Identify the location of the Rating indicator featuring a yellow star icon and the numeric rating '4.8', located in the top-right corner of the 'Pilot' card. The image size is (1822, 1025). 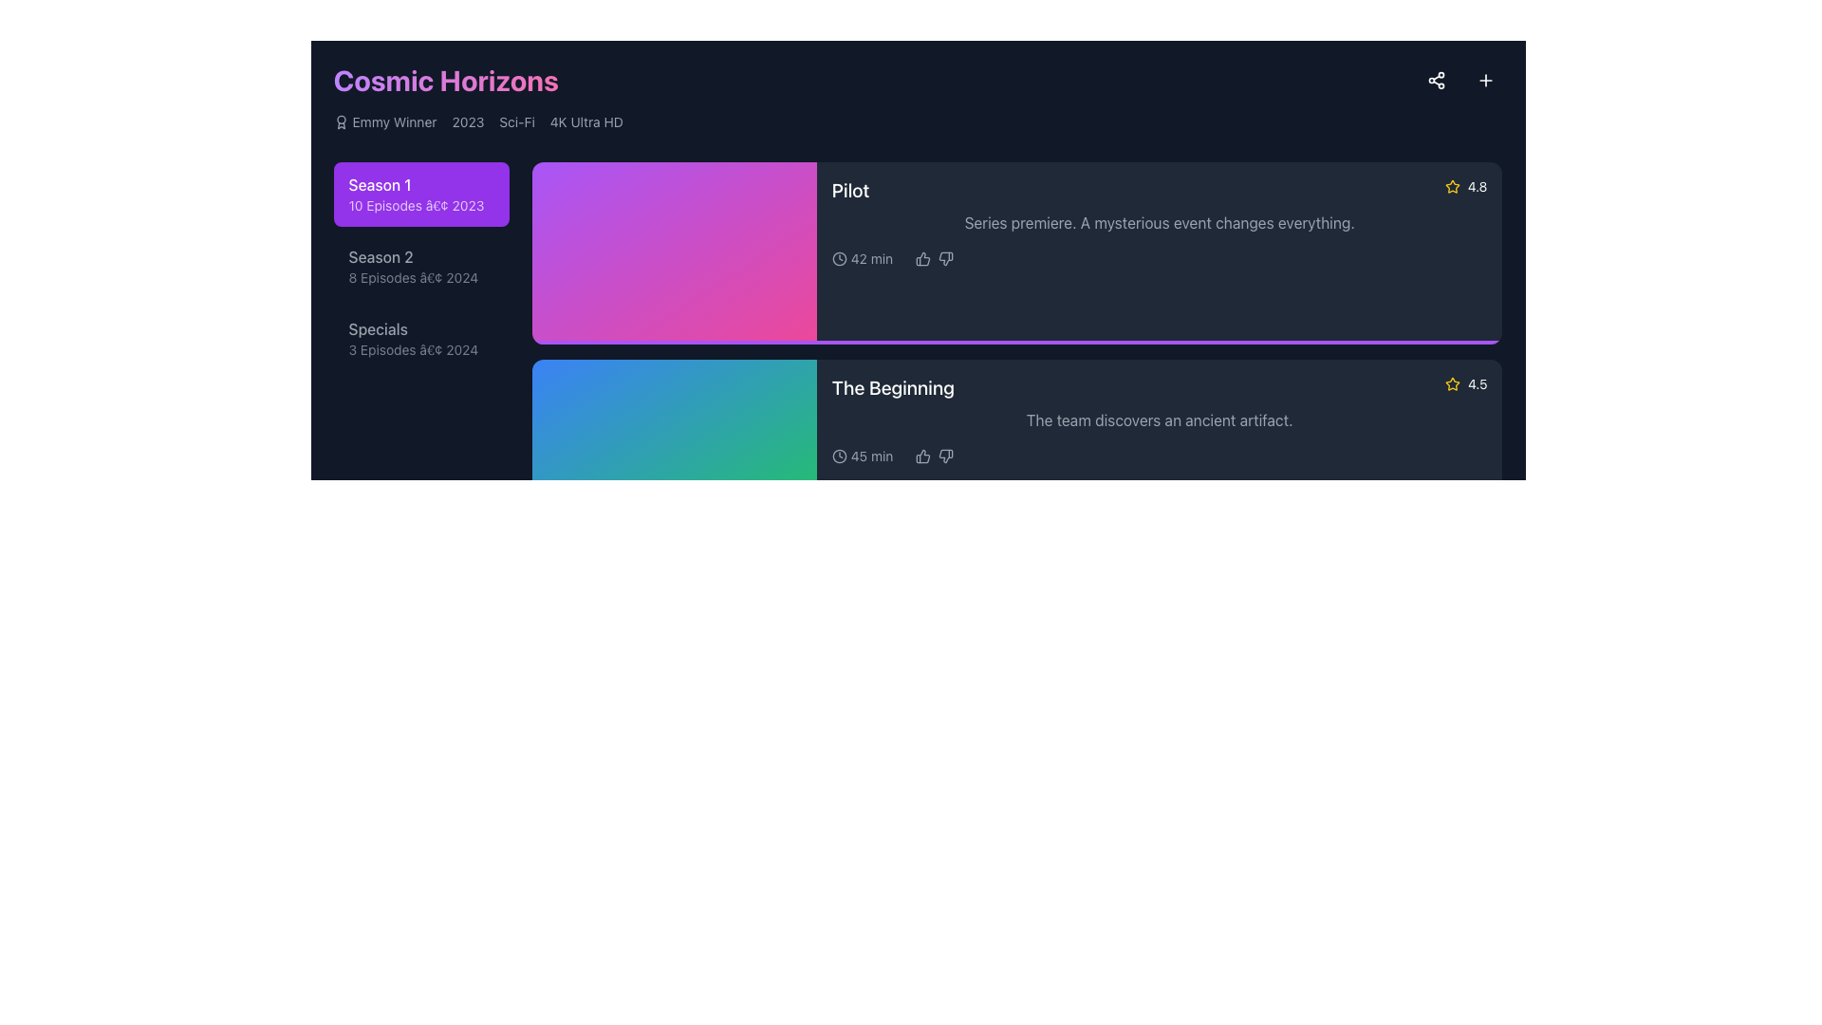
(1465, 186).